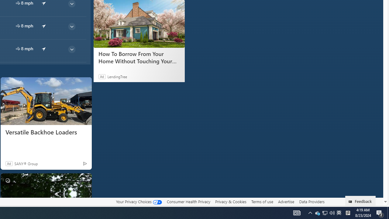 The height and width of the screenshot is (219, 389). Describe the element at coordinates (351, 202) in the screenshot. I see `'Class: feedback_link_icon-DS-EntryPoint1-1'` at that location.